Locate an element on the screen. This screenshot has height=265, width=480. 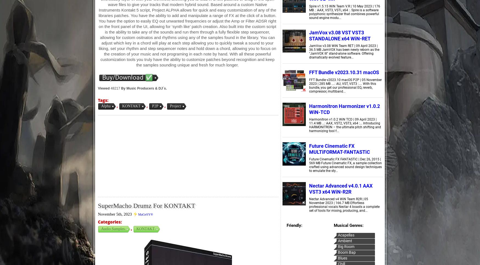
'Viewed' is located at coordinates (98, 88).